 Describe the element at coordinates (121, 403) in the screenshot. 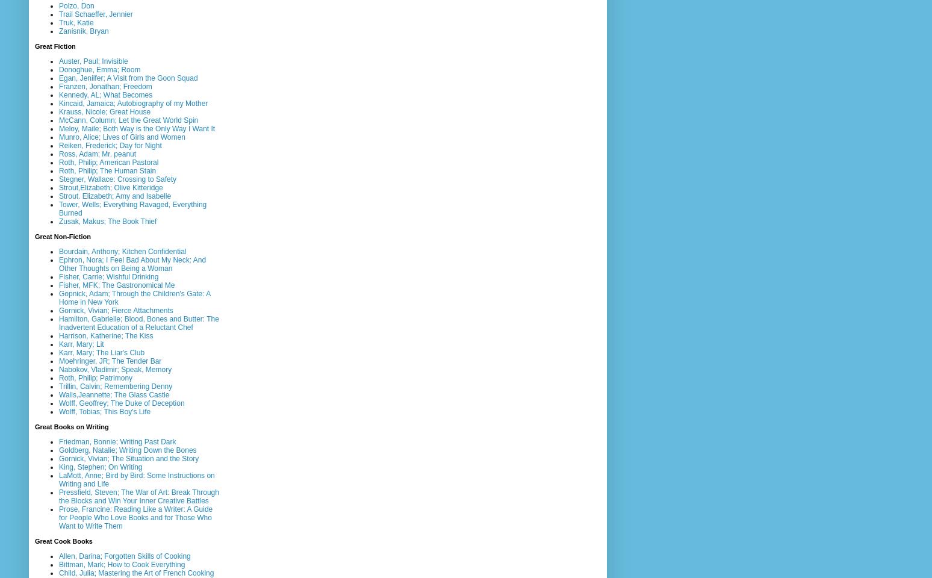

I see `'Wolff, Geoffrey; The Duke of Deception'` at that location.